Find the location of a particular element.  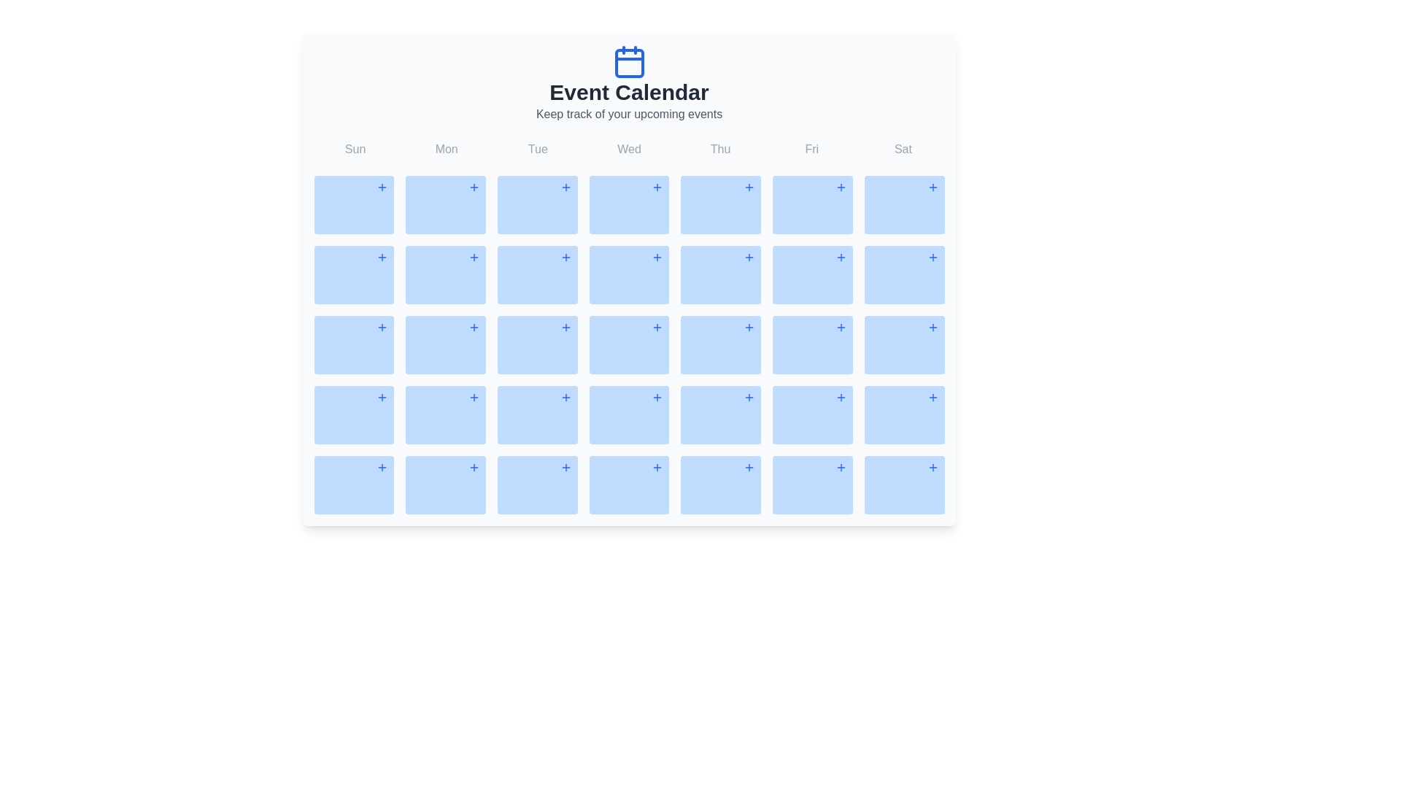

the rectangular box with rounded corners, styled with a light blue background, located in the sixth row and third column of a 7-column grid layout is located at coordinates (536, 484).